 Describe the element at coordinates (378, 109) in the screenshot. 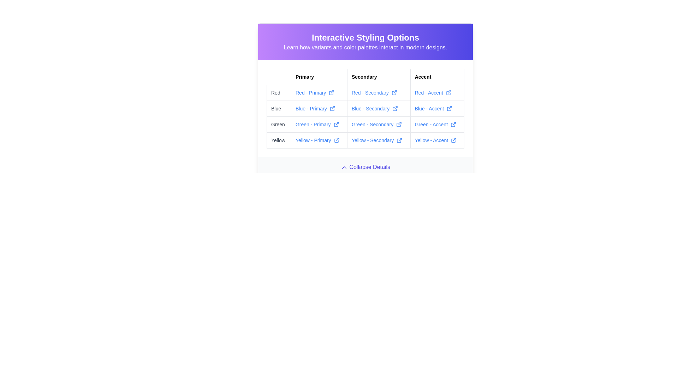

I see `the 'Blue - Secondary' link with an external link icon, located in the 'Secondary' column and 'Blue' row of the table` at that location.